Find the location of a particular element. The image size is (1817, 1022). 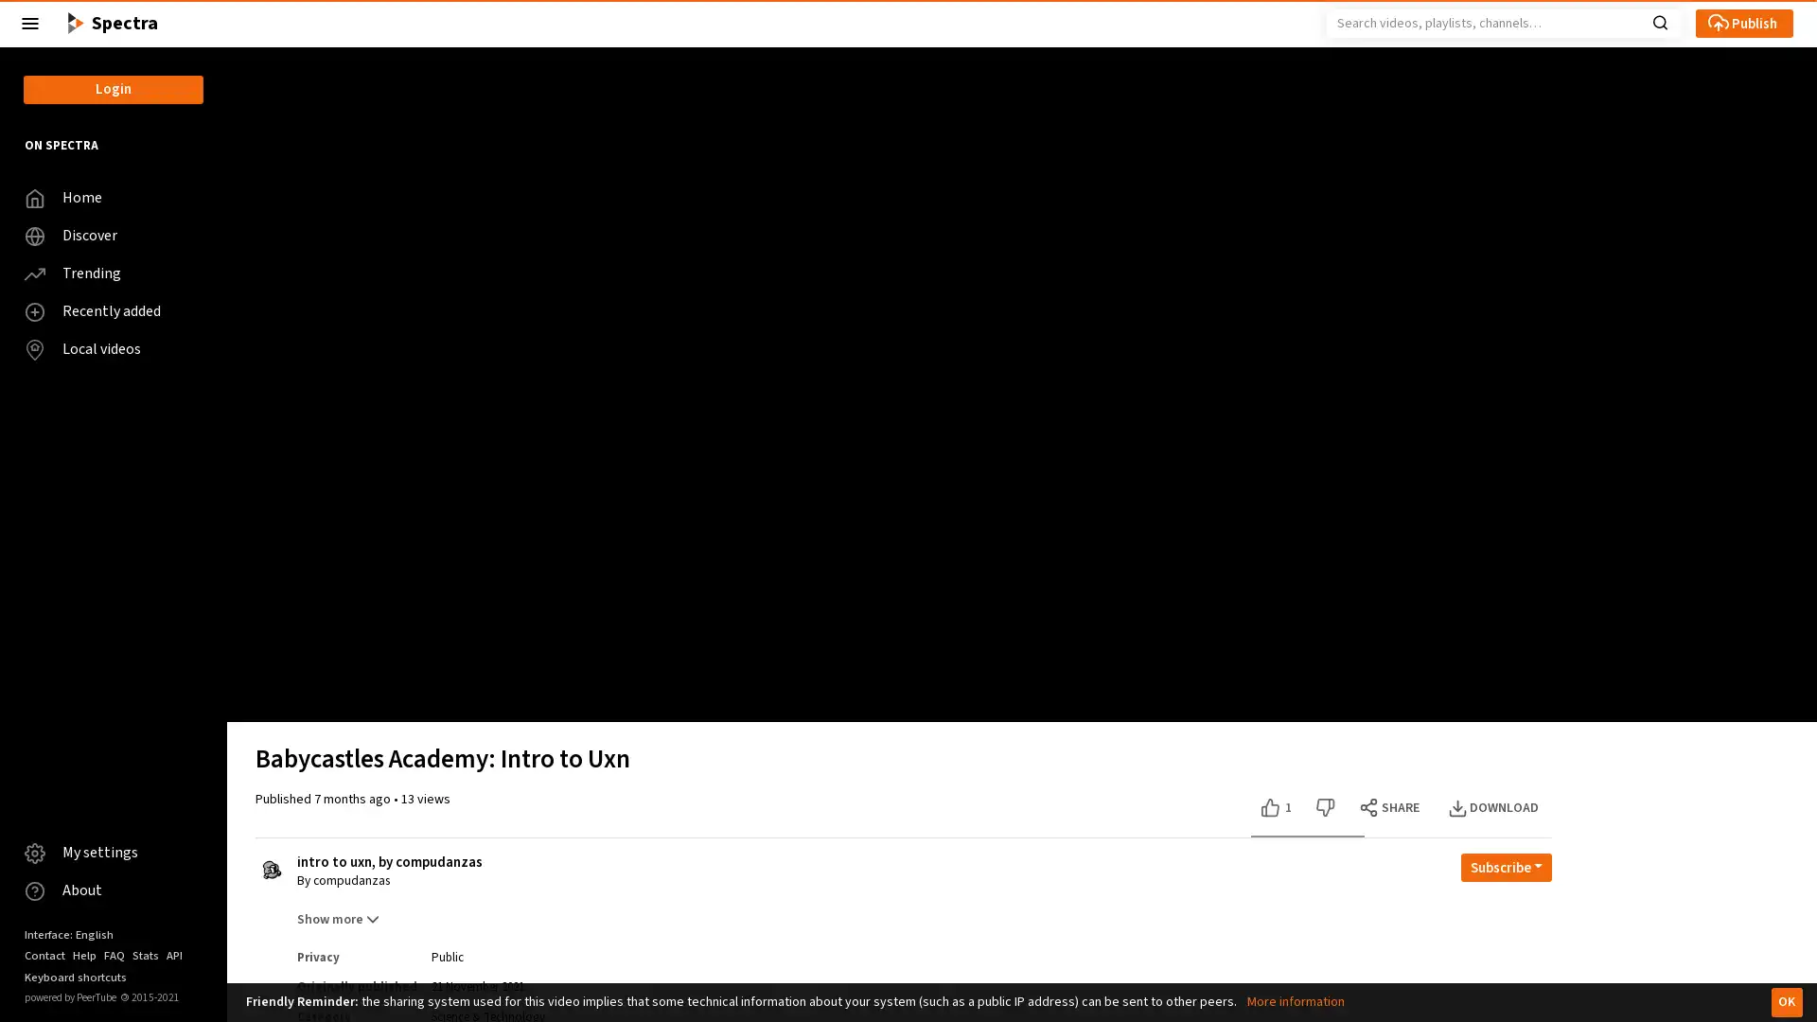

DOWNLOAD is located at coordinates (1493, 807).